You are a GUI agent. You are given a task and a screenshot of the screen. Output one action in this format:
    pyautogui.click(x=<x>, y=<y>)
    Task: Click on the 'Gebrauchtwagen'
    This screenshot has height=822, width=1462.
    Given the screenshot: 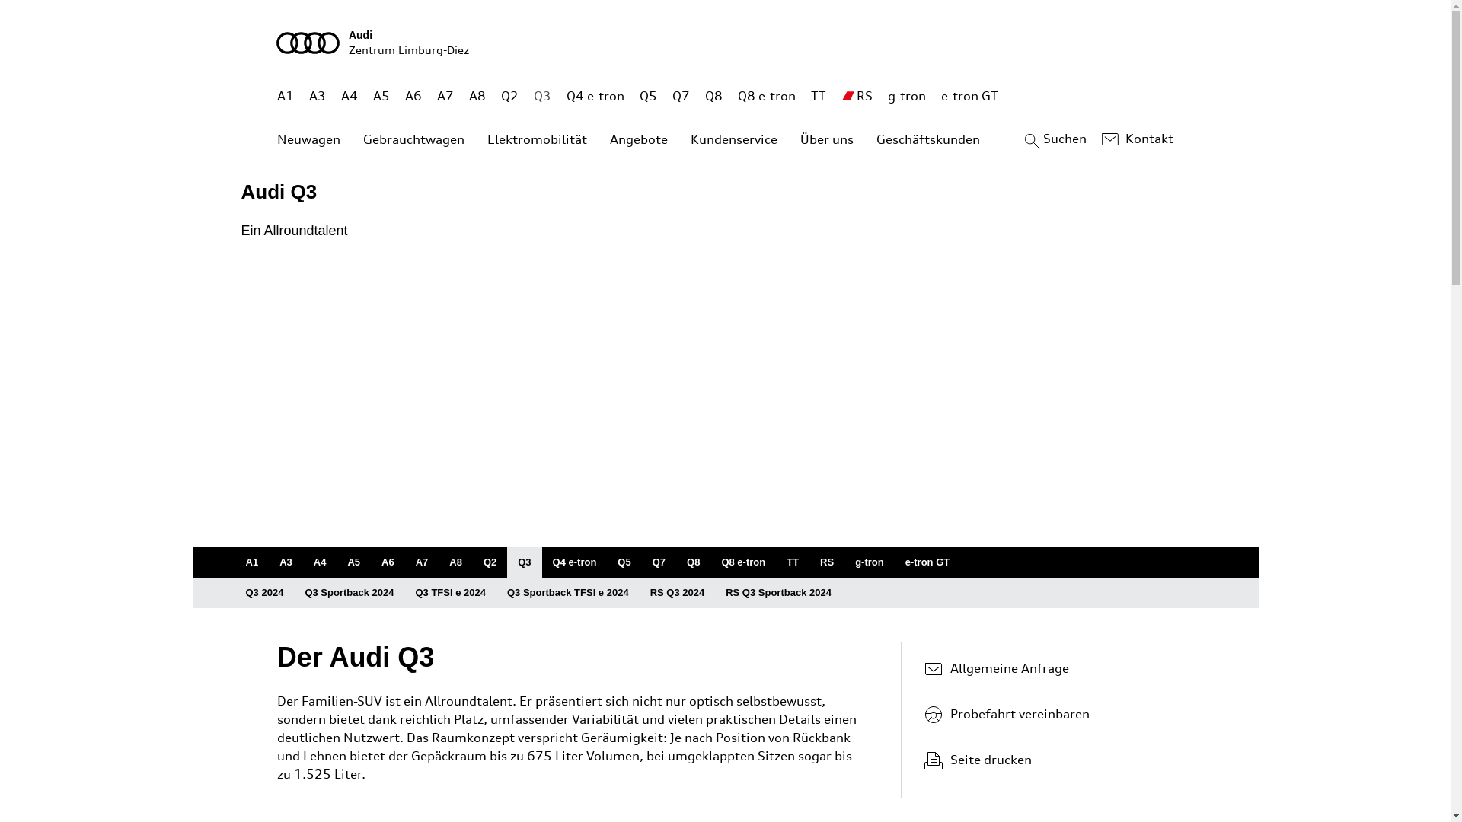 What is the action you would take?
    pyautogui.click(x=413, y=139)
    